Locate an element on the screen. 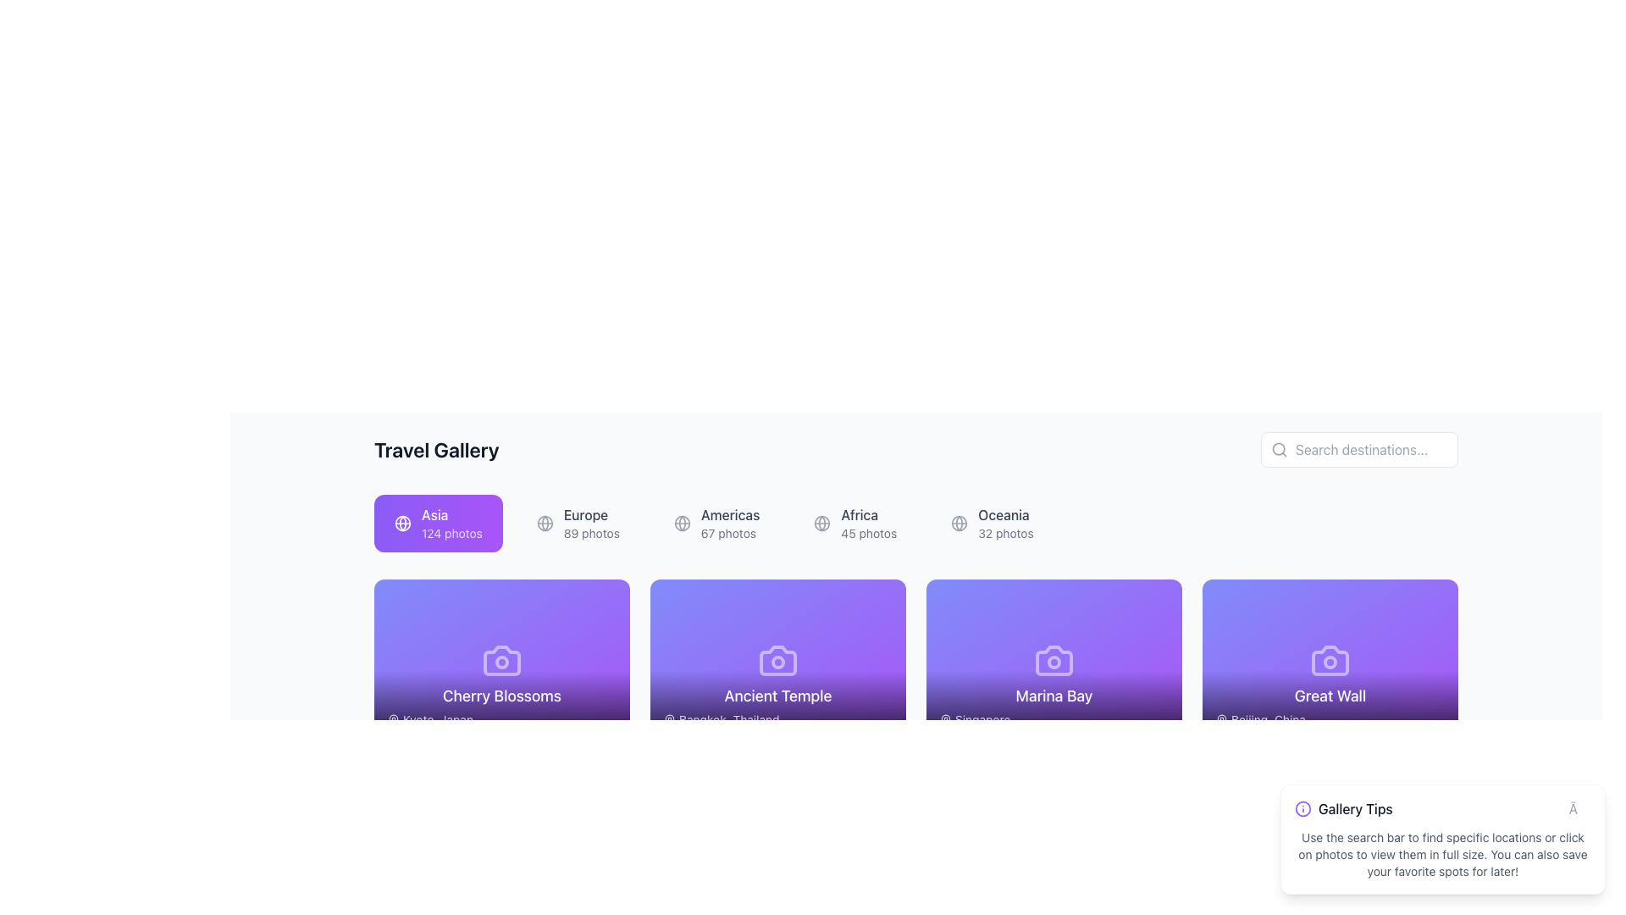 Image resolution: width=1626 pixels, height=915 pixels. the 'Travel Gallery' label, which is prominently displayed in a larger, bold font in black or dark gray on a light background, located in the top-left section of the interface is located at coordinates (436, 449).